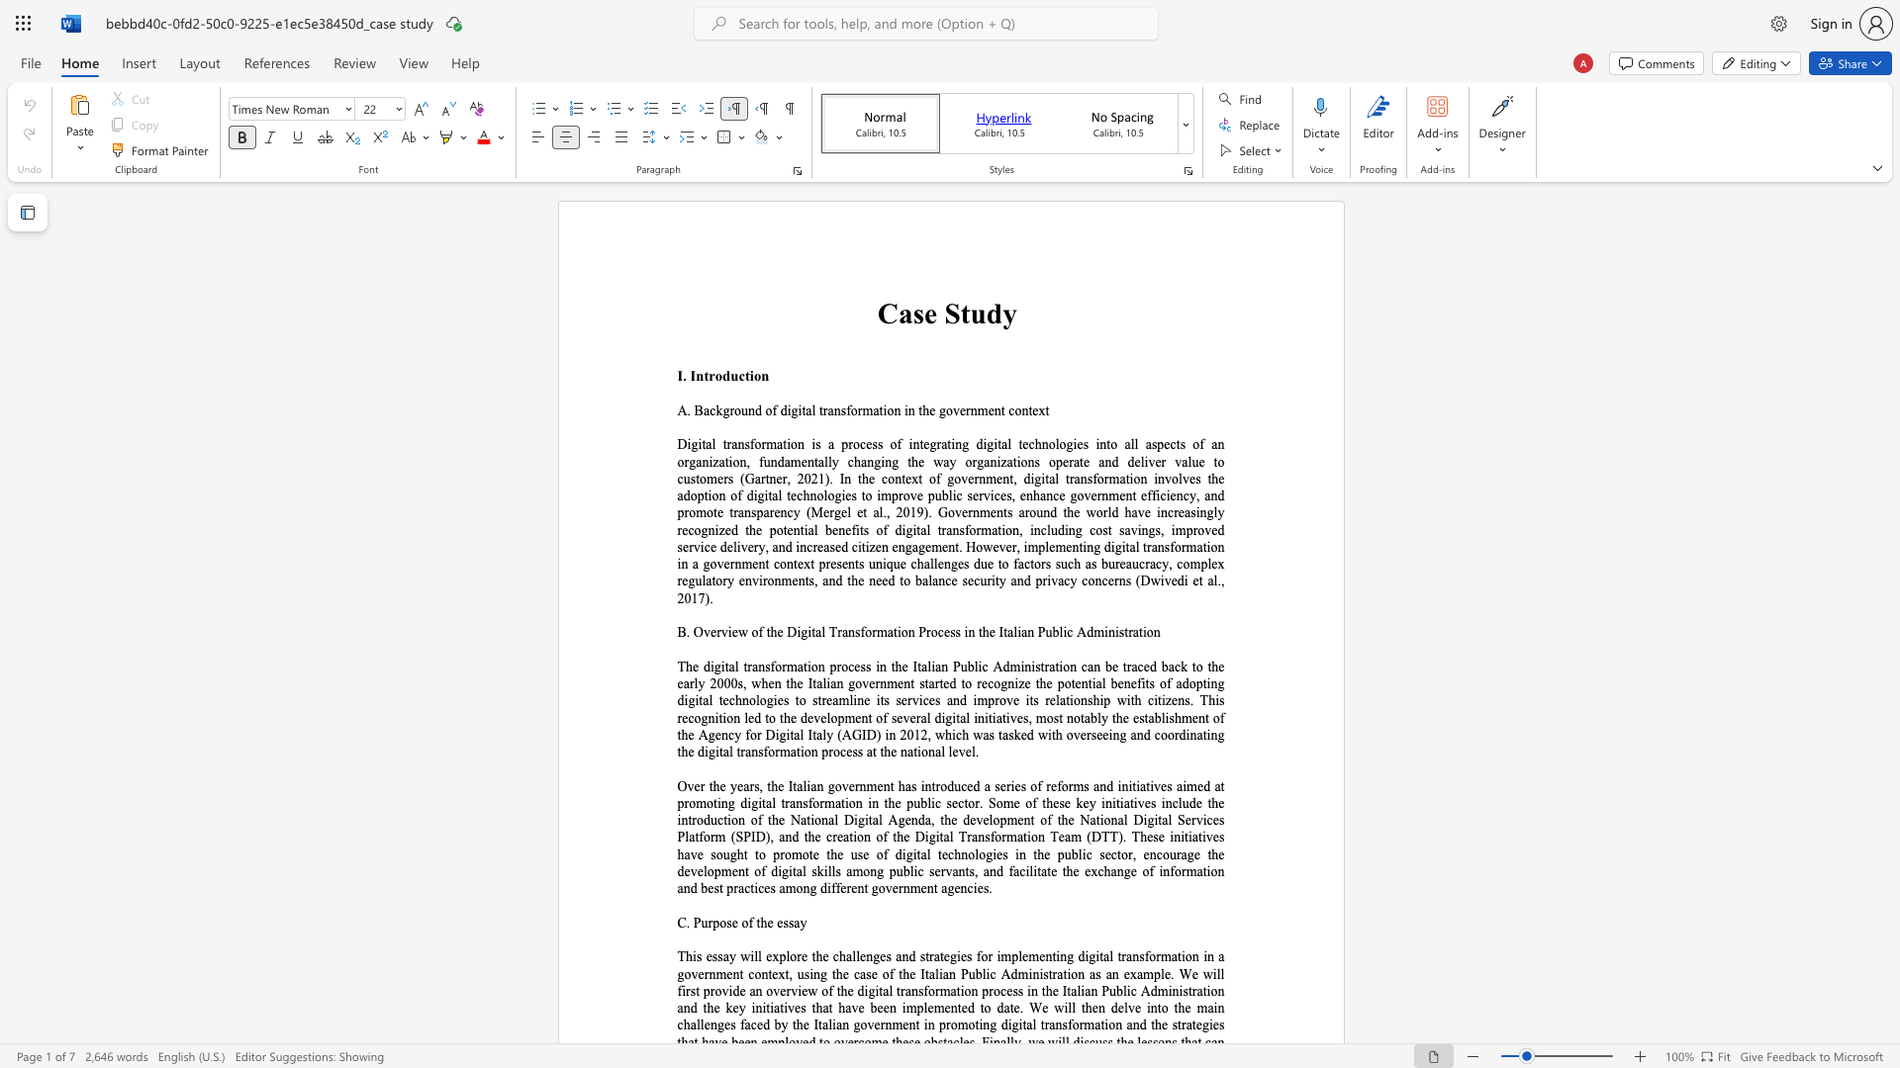  I want to click on the subset text "Process in the Itali" within the text "B. Overview of the Digital Transformation Process in the Italian Public Administration", so click(917, 632).